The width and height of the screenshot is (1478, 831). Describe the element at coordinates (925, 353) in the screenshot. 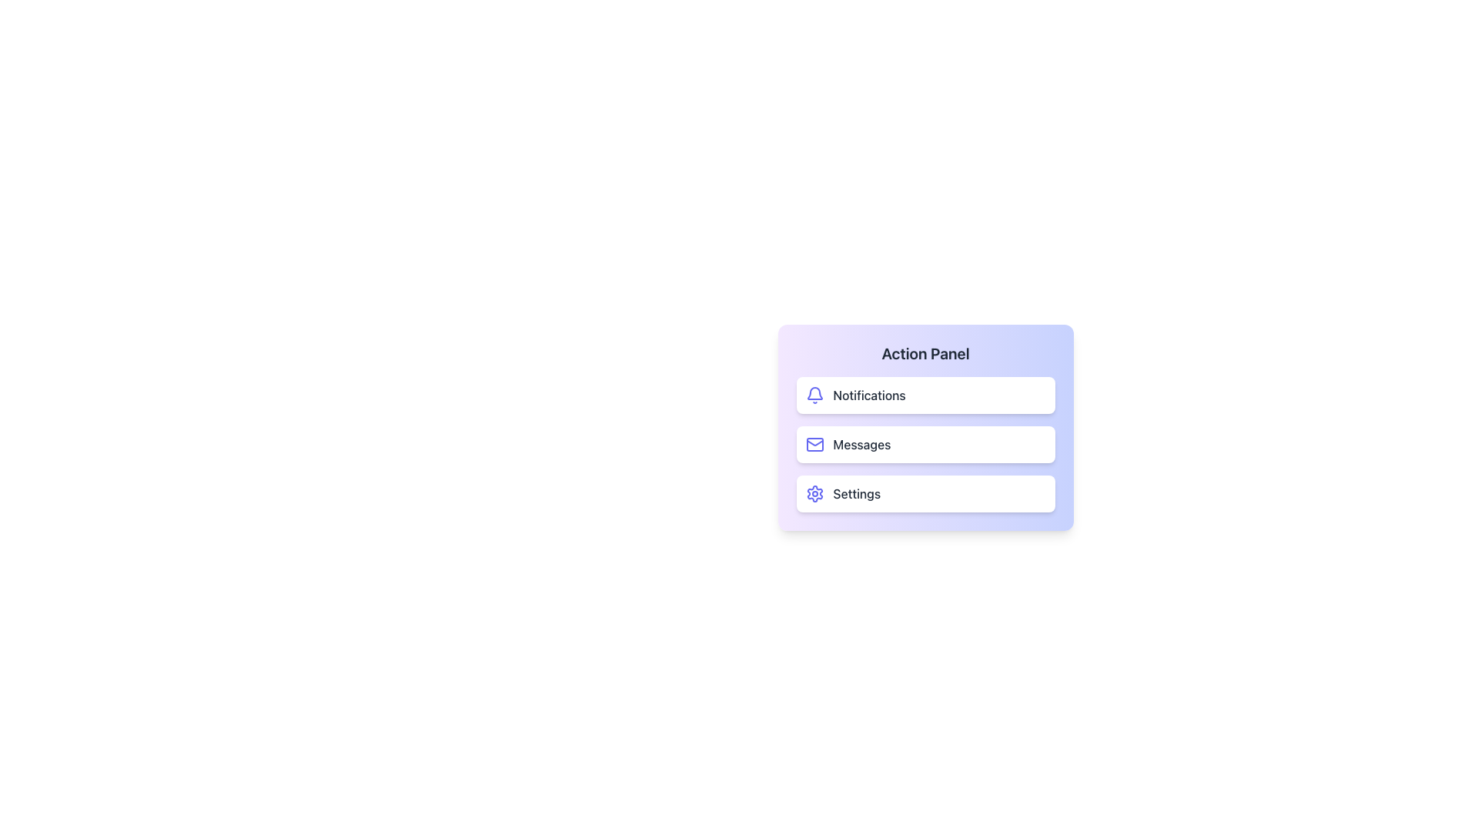

I see `the header text label that serves as the title for the grouped buttons below` at that location.